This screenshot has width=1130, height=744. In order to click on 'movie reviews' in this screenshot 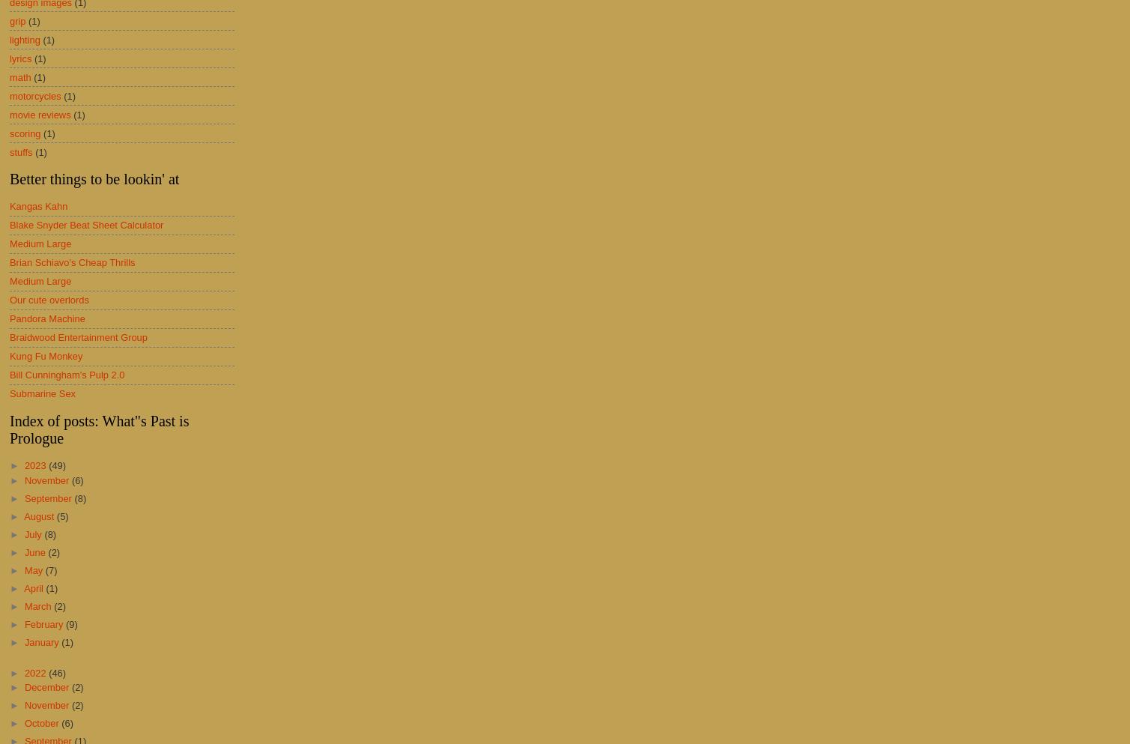, I will do `click(40, 114)`.